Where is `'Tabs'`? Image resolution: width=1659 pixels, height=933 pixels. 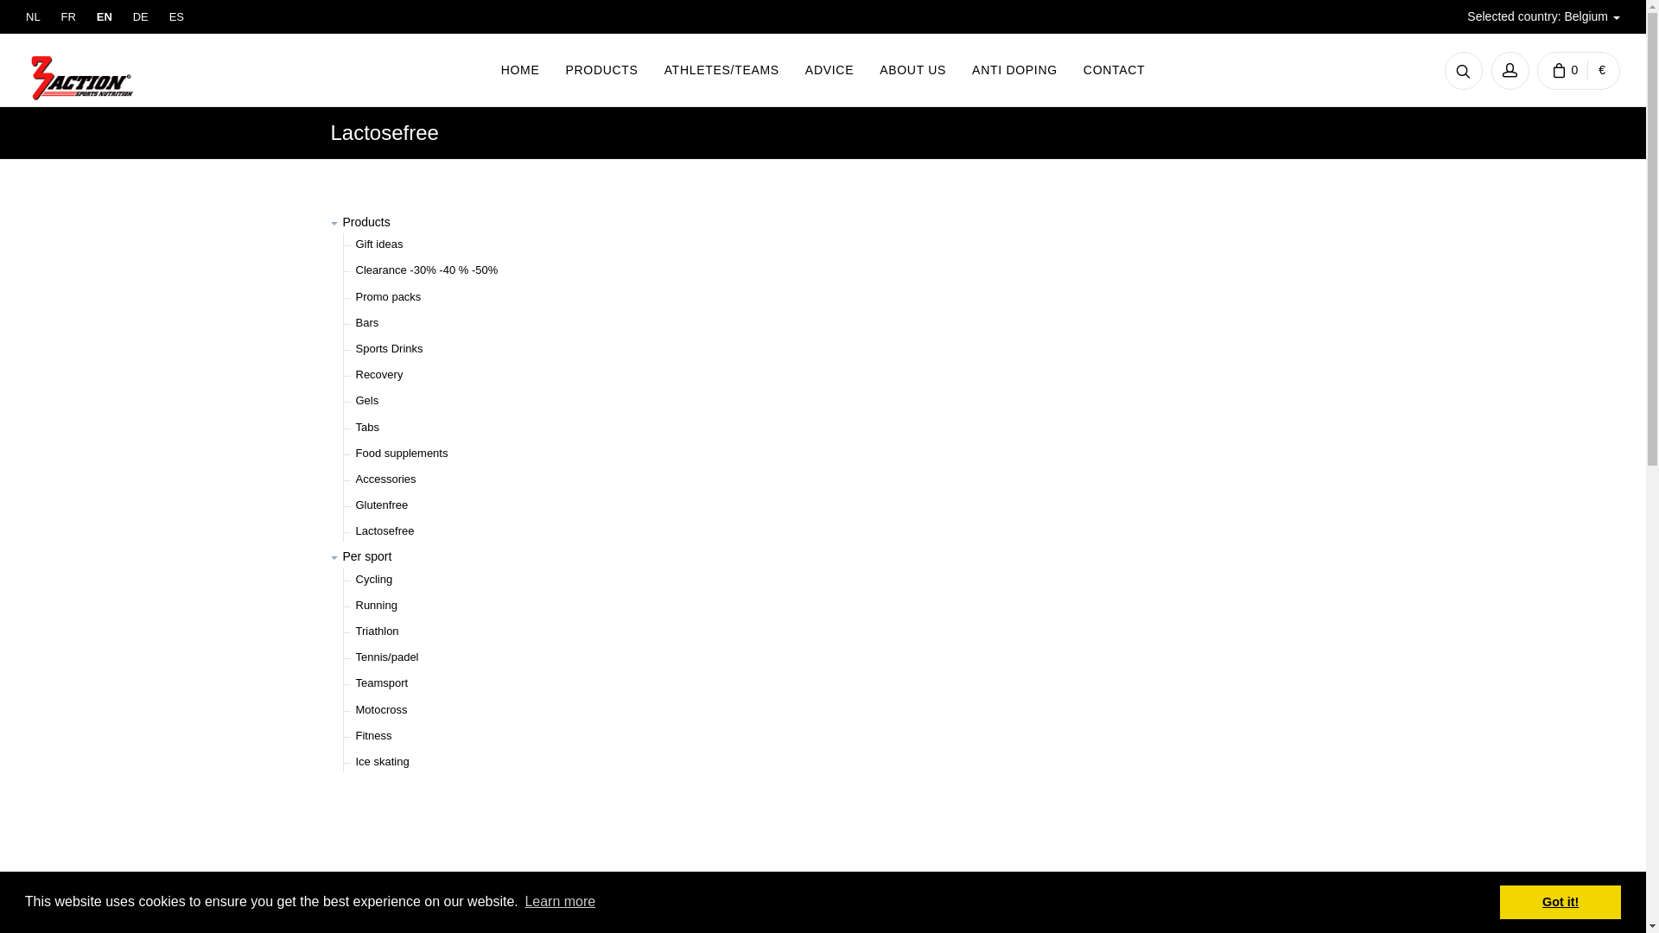
'Tabs' is located at coordinates (366, 426).